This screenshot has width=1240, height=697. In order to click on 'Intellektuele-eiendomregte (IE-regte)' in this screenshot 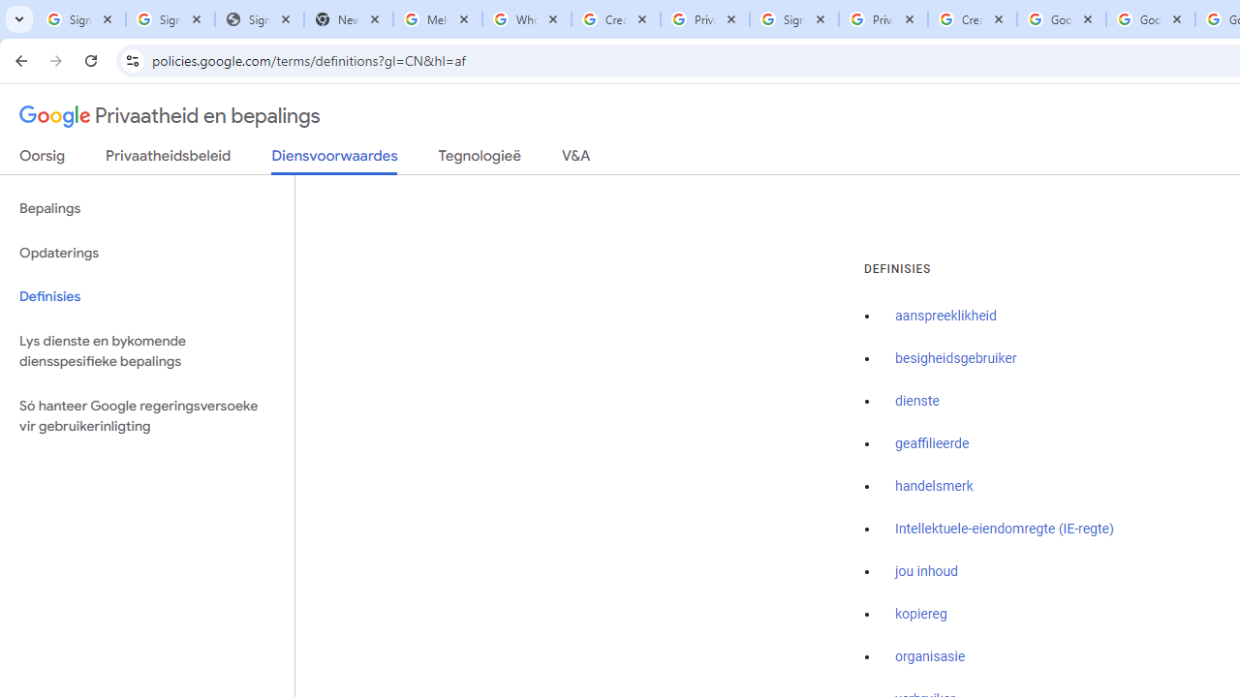, I will do `click(1004, 529)`.